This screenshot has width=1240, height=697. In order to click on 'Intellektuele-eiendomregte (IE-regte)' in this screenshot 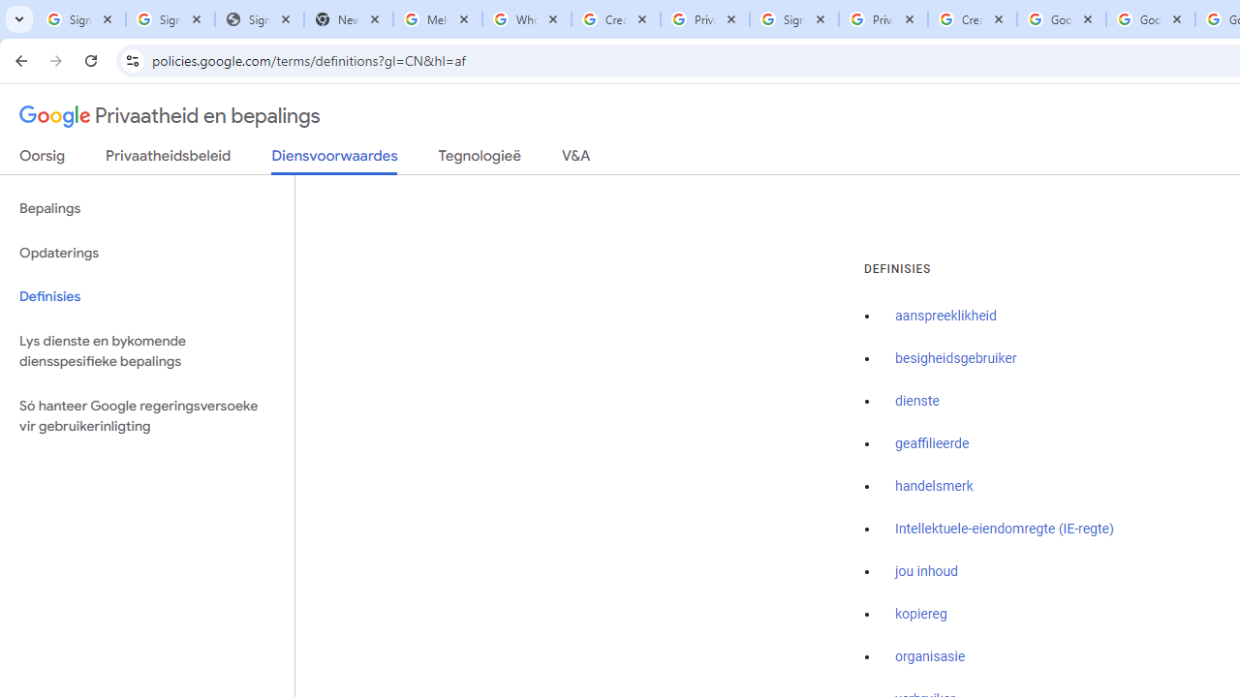, I will do `click(1004, 529)`.